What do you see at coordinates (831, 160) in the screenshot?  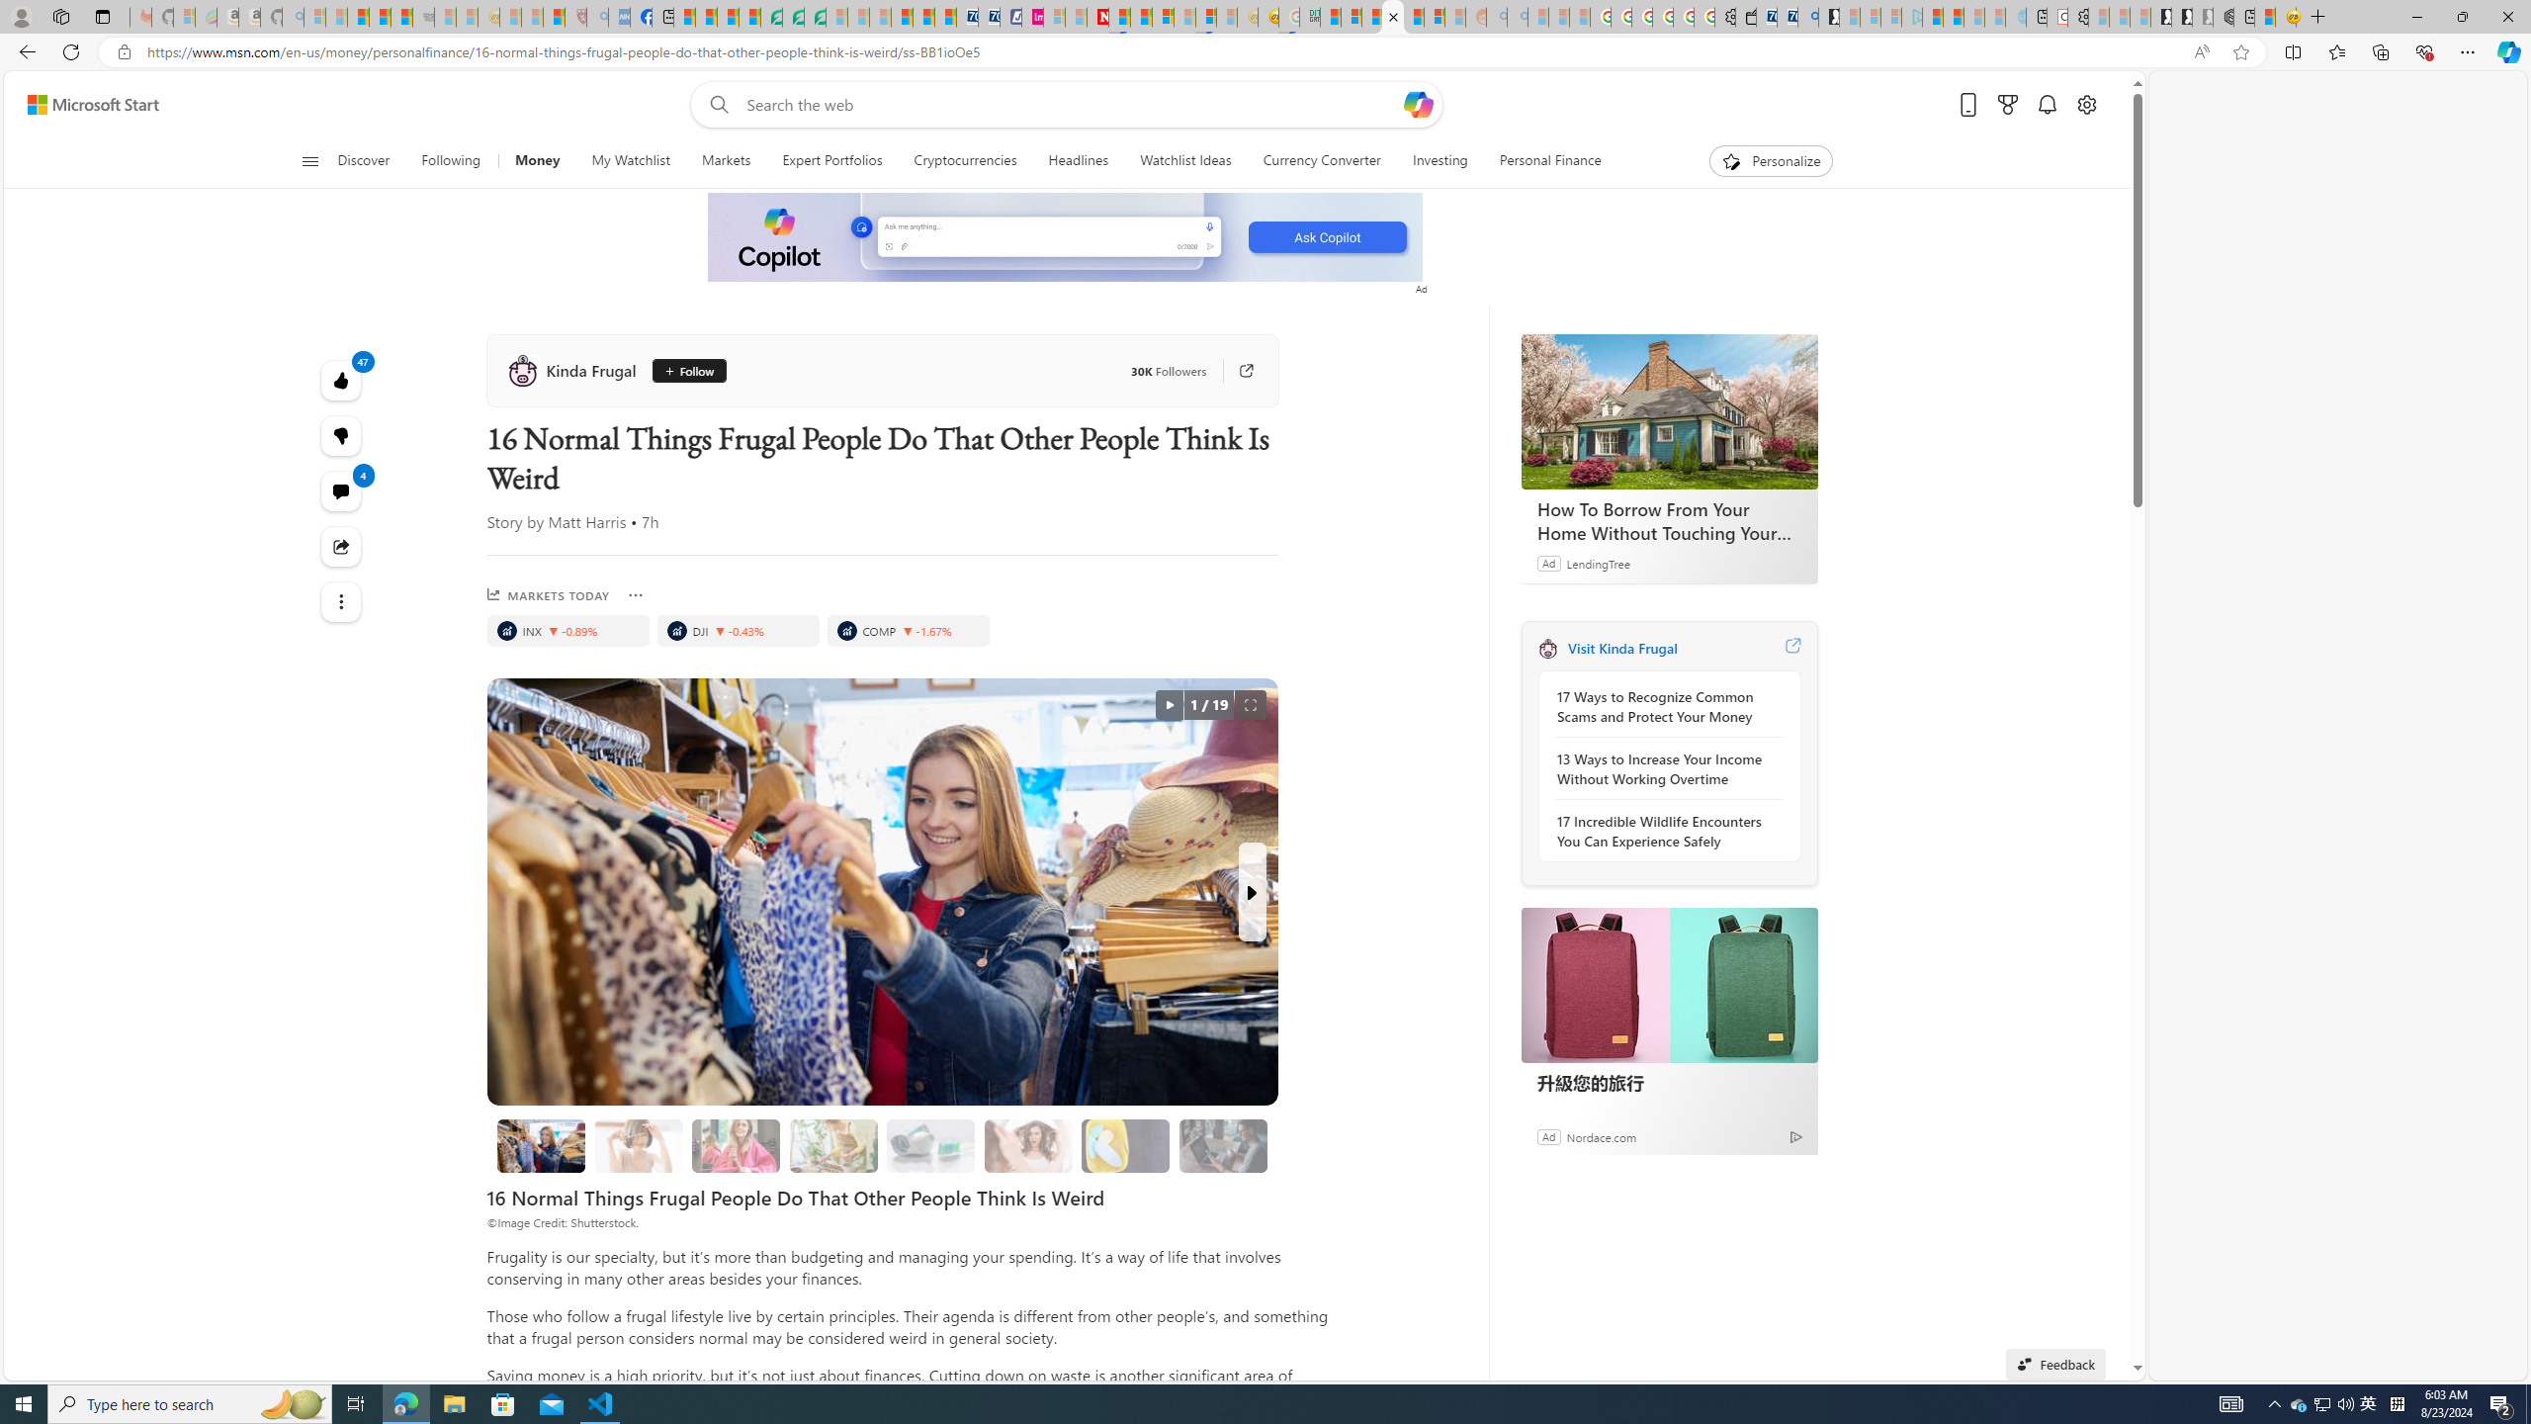 I see `'Expert Portfolios'` at bounding box center [831, 160].